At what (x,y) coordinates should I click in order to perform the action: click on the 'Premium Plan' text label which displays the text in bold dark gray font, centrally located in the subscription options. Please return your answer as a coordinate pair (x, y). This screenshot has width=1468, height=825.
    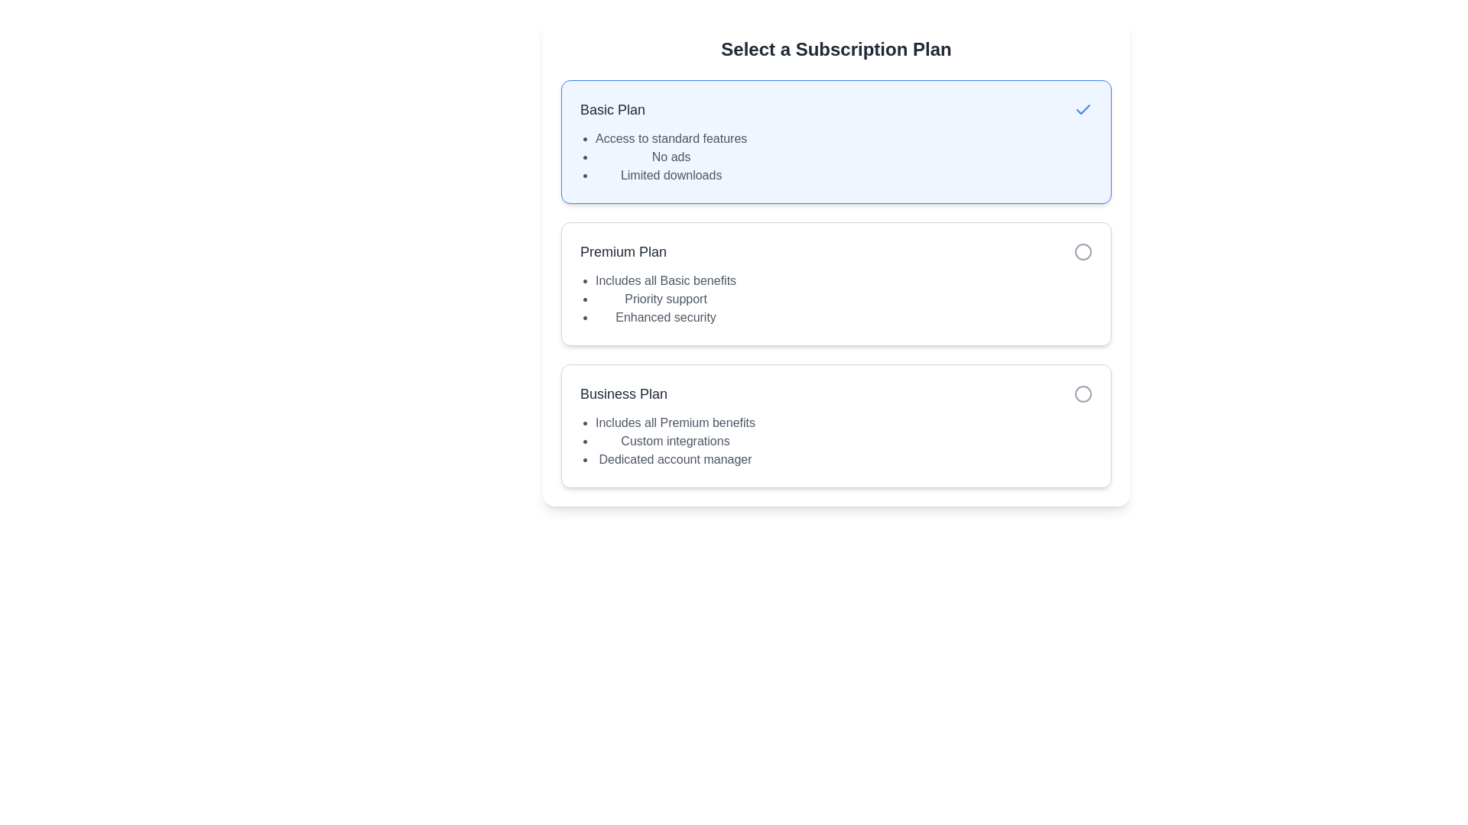
    Looking at the image, I should click on (623, 251).